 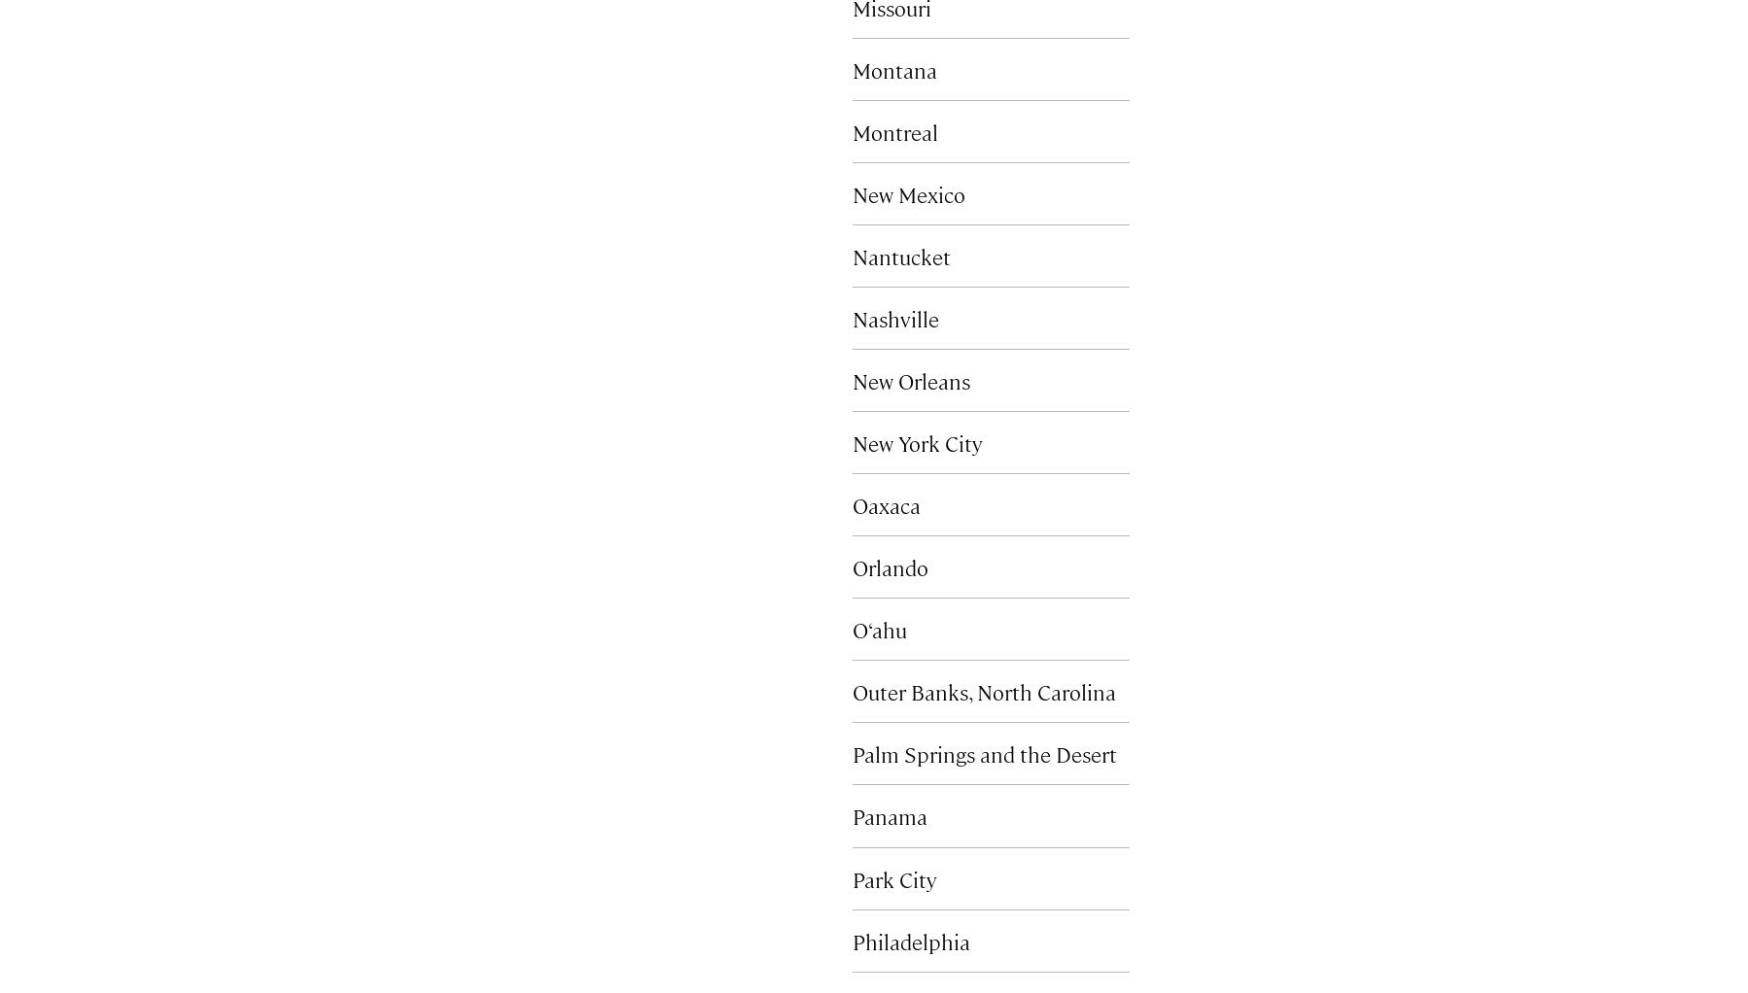 What do you see at coordinates (853, 68) in the screenshot?
I see `'Montana'` at bounding box center [853, 68].